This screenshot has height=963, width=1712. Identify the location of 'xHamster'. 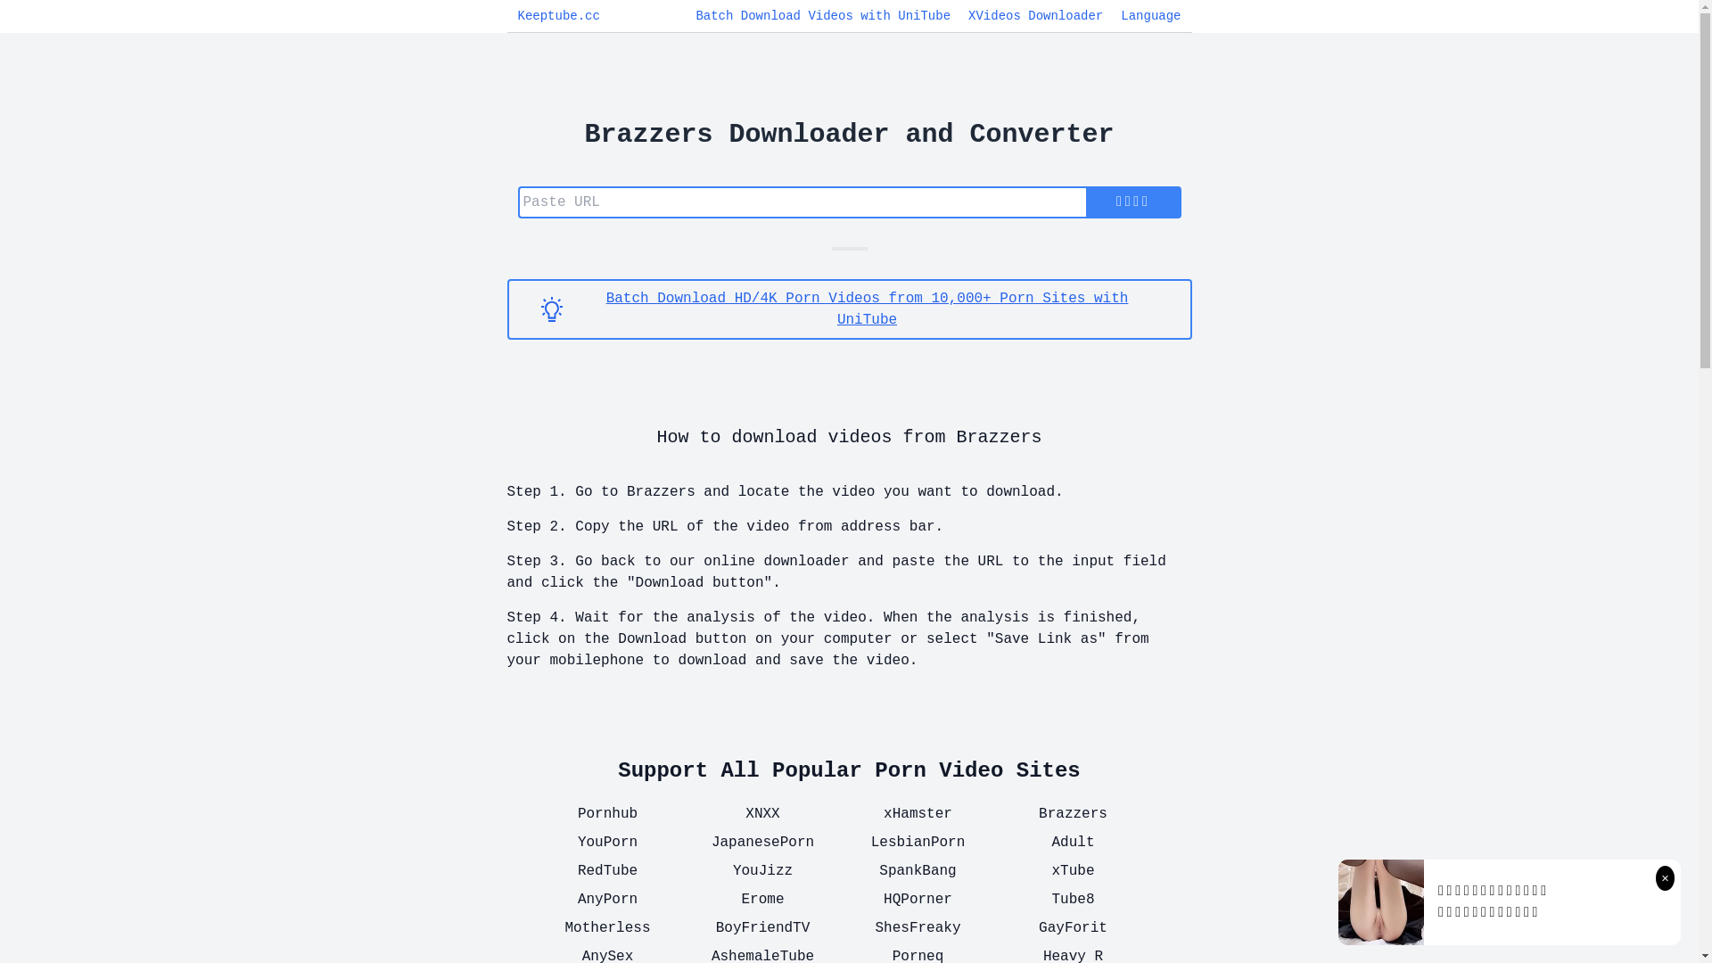
(917, 814).